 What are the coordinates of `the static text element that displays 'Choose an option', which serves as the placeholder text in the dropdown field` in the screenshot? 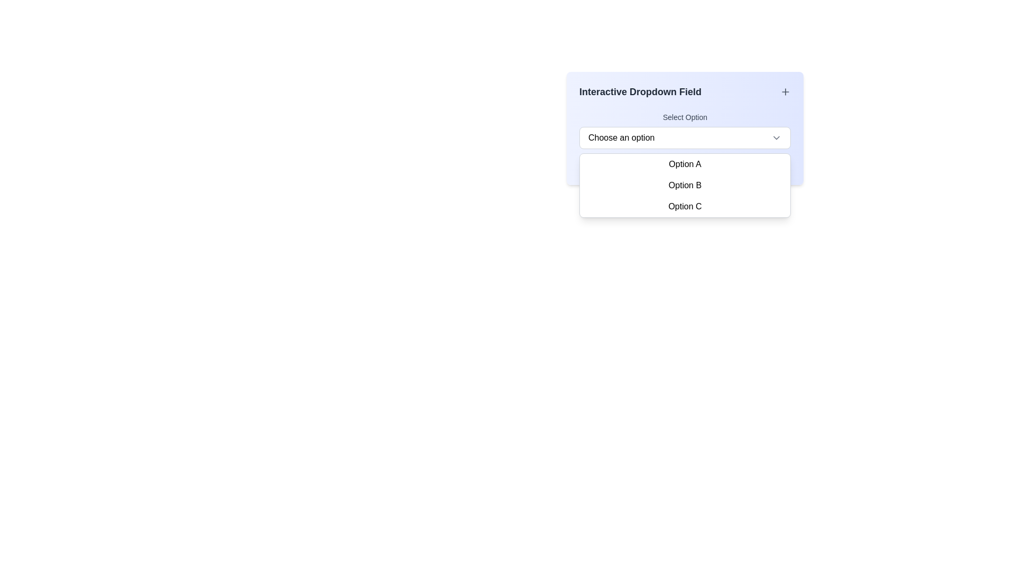 It's located at (621, 137).